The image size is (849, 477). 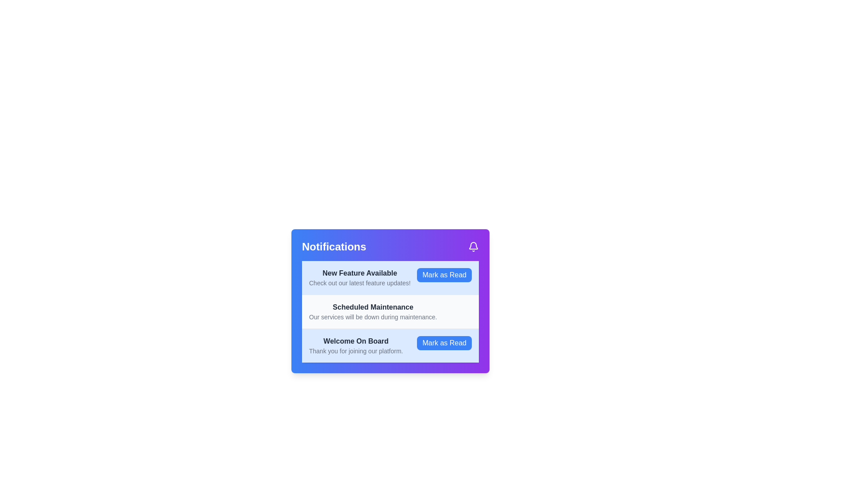 What do you see at coordinates (473, 247) in the screenshot?
I see `the notification bell icon located in the top-right corner of the 'Notifications' header` at bounding box center [473, 247].